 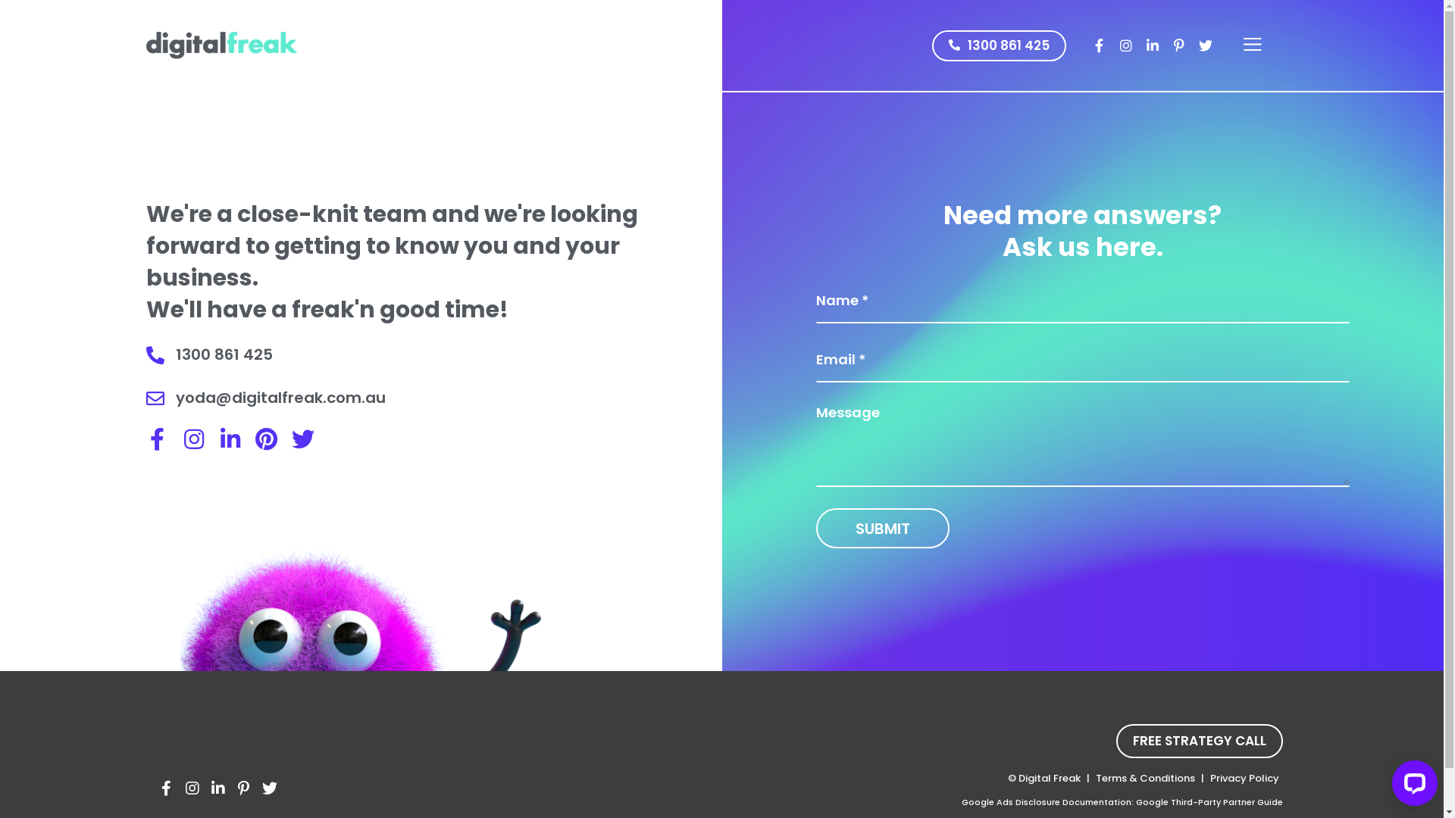 I want to click on '1300 861 425', so click(x=999, y=45).